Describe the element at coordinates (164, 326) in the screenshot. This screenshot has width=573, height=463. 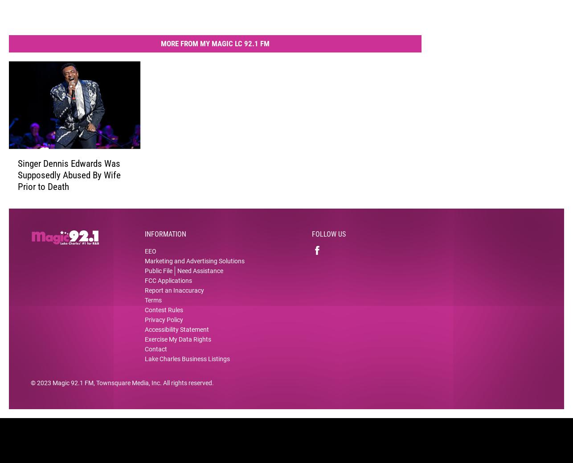
I see `'Privacy Policy'` at that location.